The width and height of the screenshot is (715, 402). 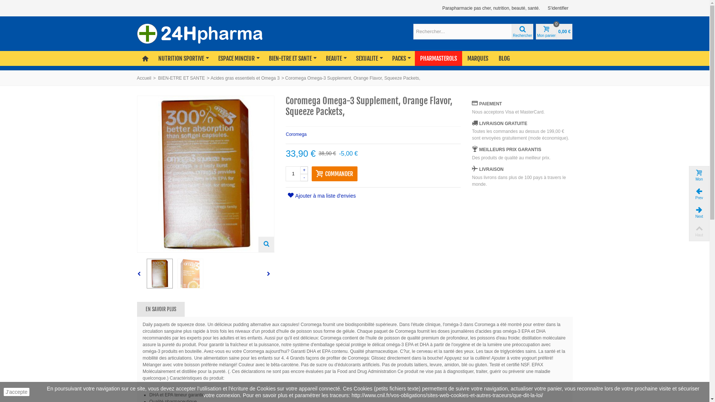 I want to click on 'ESPACE MINCEUR', so click(x=238, y=58).